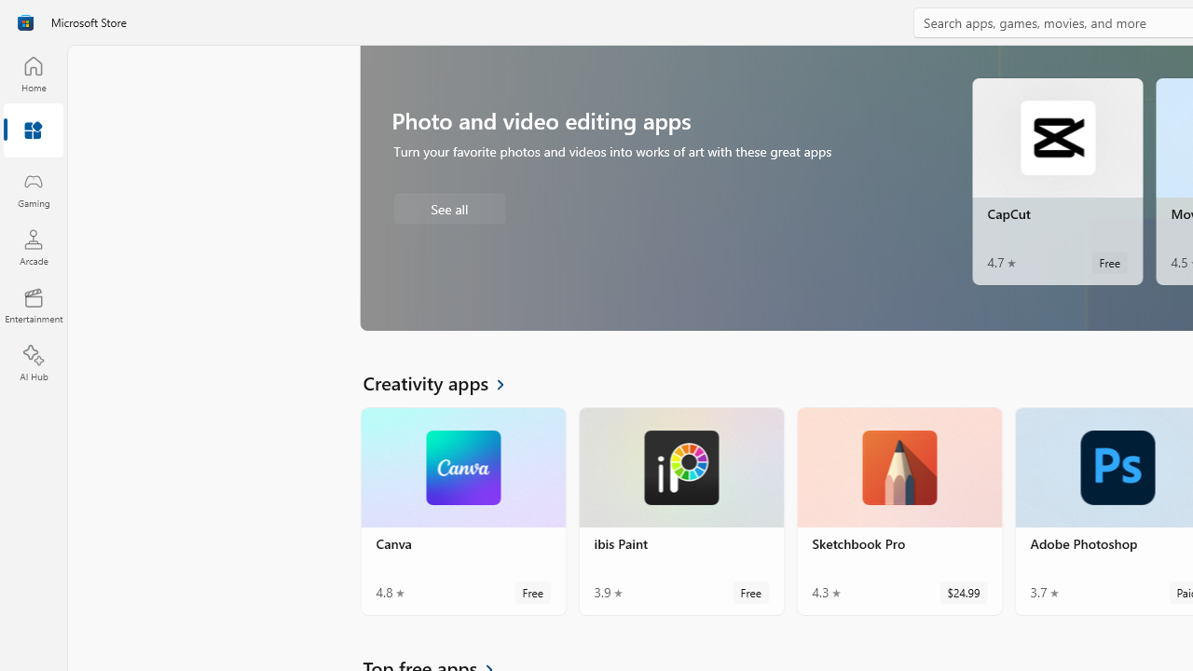 Image resolution: width=1193 pixels, height=671 pixels. Describe the element at coordinates (25, 22) in the screenshot. I see `'Class: Image'` at that location.